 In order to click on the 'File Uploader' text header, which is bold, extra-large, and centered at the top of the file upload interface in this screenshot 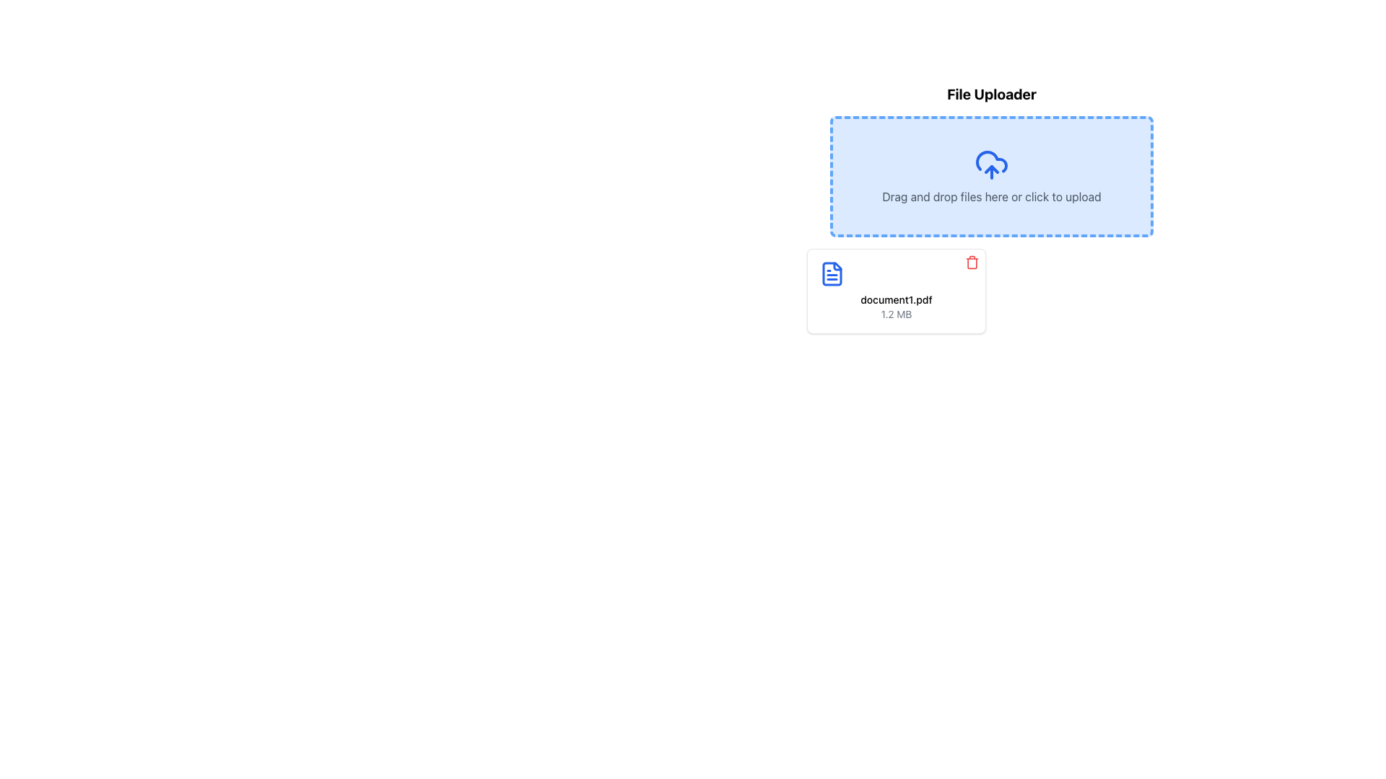, I will do `click(990, 94)`.